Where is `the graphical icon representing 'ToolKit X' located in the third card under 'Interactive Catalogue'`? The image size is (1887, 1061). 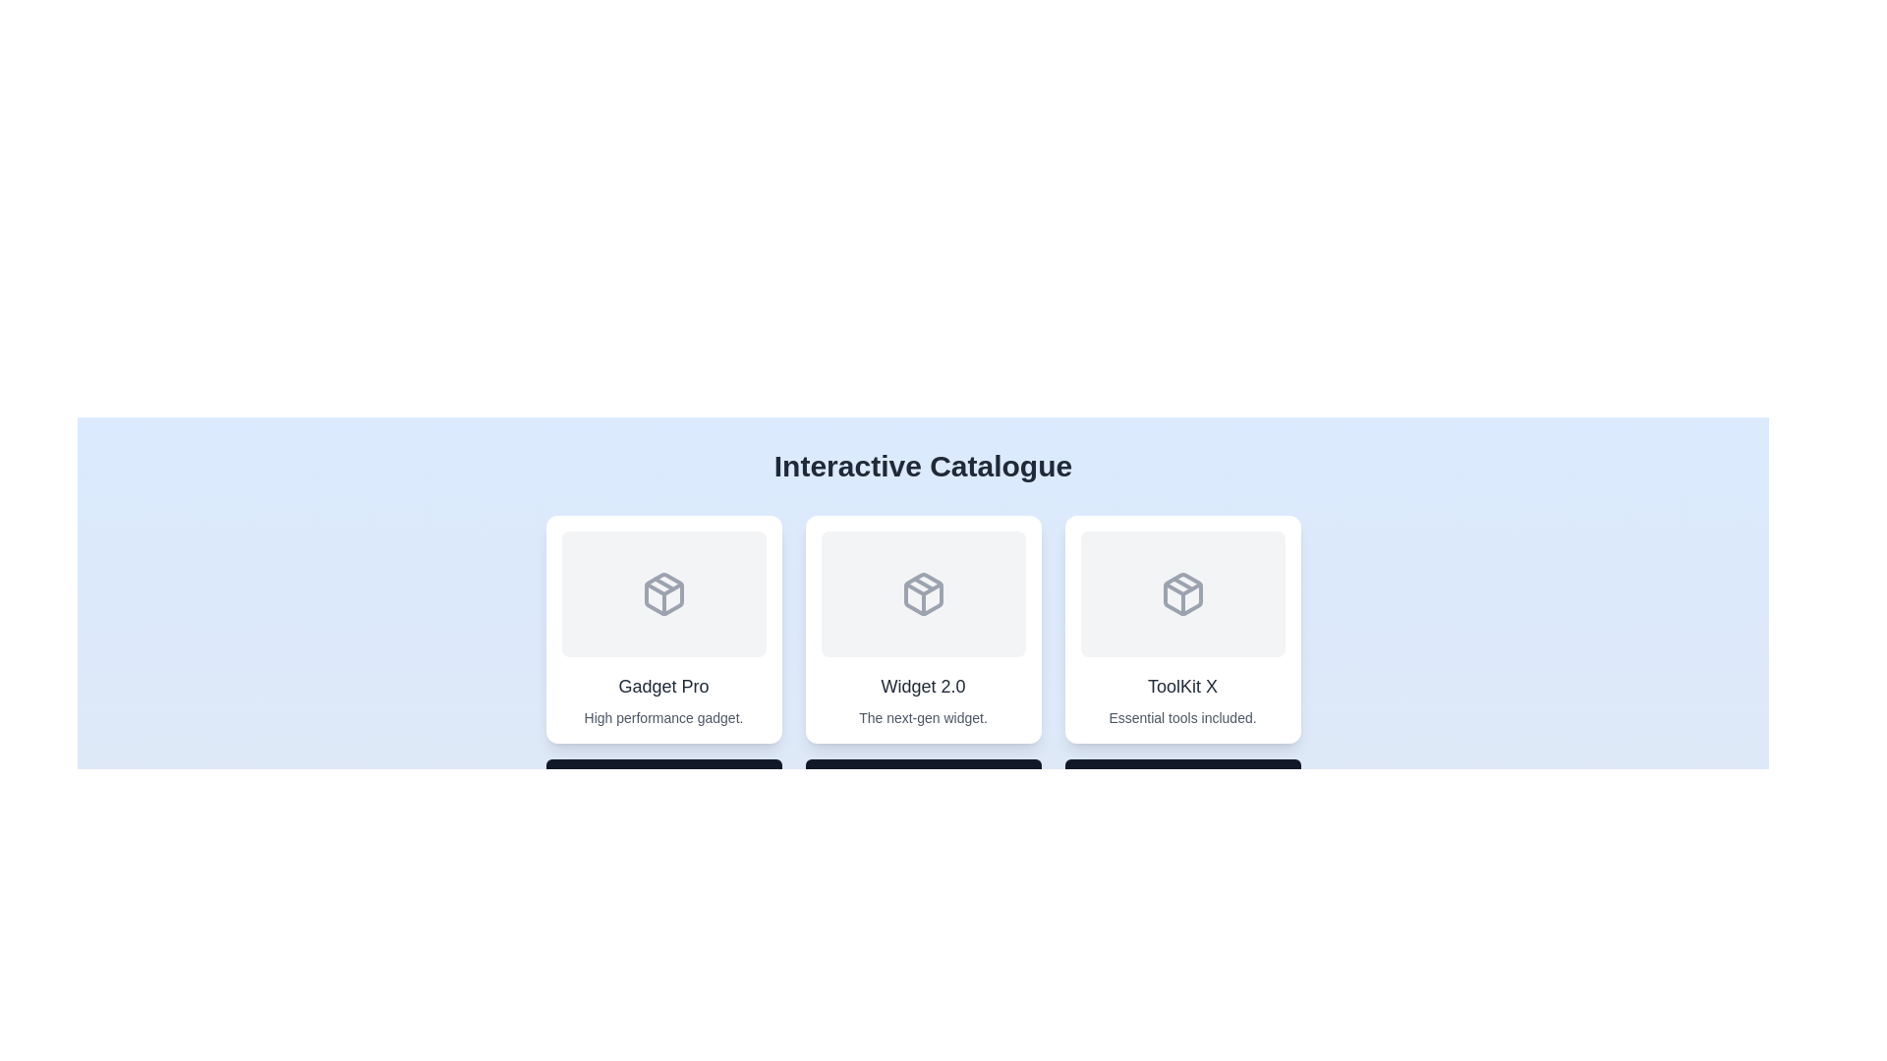 the graphical icon representing 'ToolKit X' located in the third card under 'Interactive Catalogue' is located at coordinates (1181, 593).